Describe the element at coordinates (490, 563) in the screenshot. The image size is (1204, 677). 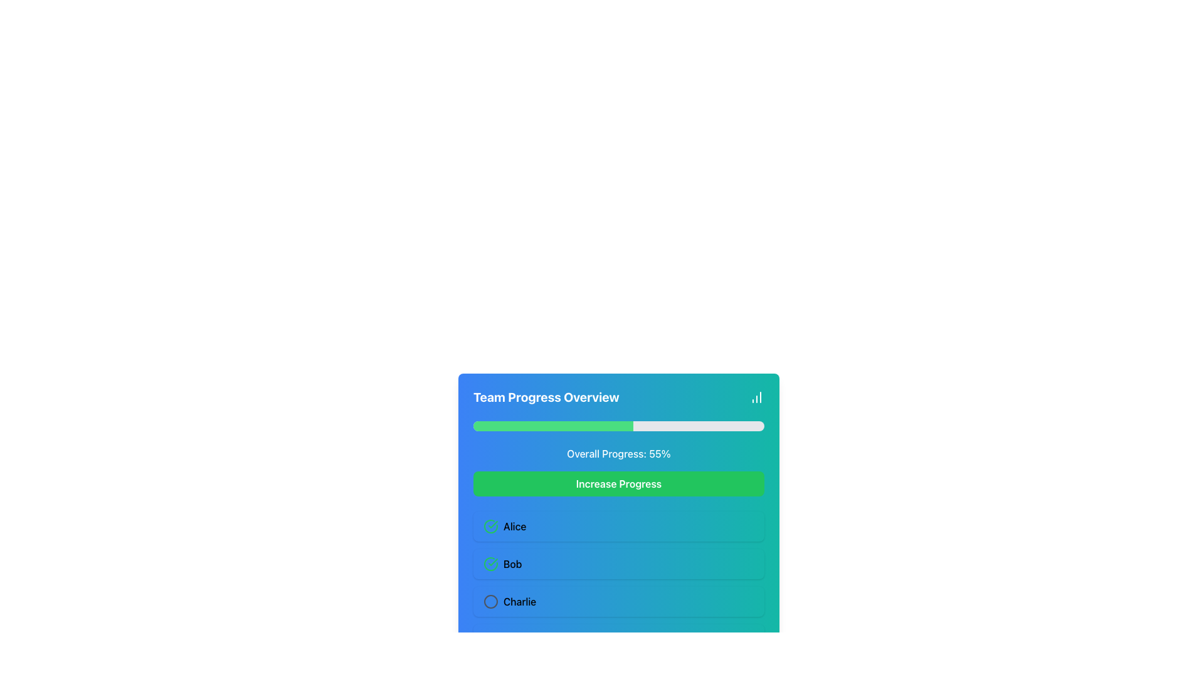
I see `the status represented by the circular green outlined icon with a check mark on a blue background, located to the left of the text 'Bob'` at that location.